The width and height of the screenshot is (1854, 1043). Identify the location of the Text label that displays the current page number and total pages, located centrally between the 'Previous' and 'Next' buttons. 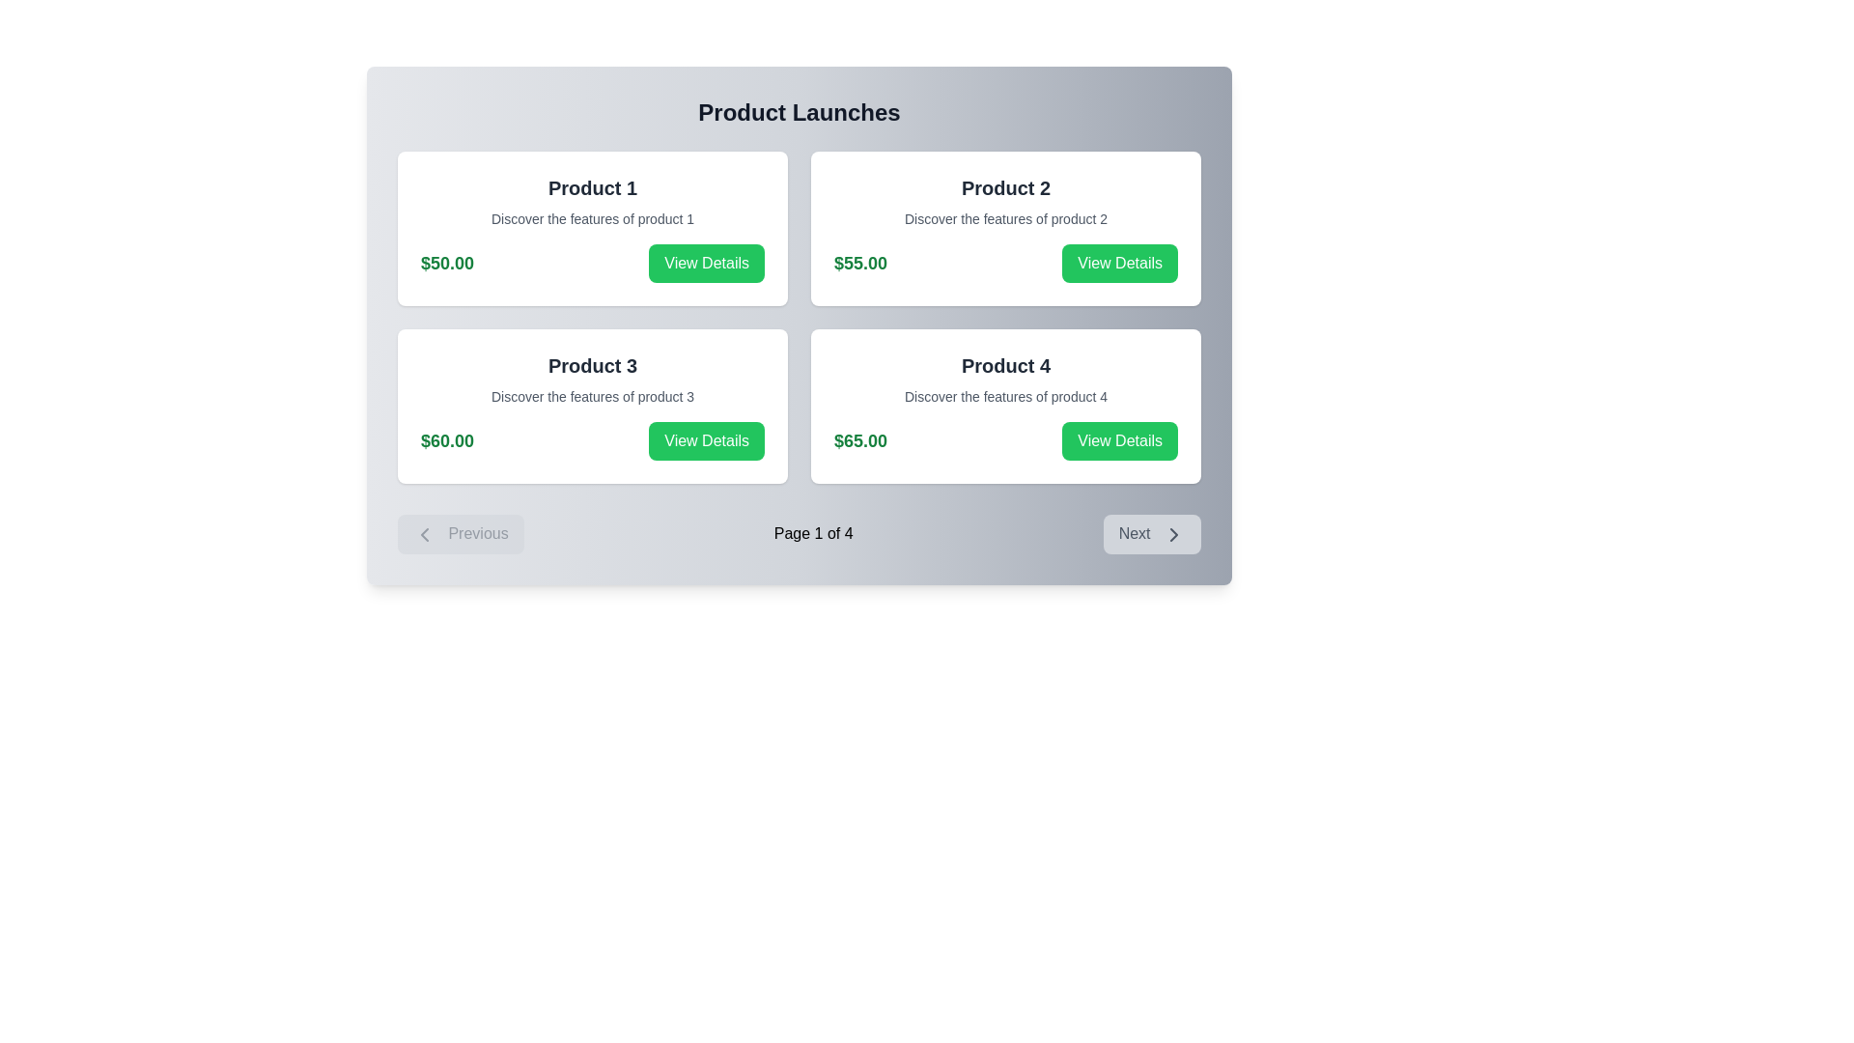
(813, 534).